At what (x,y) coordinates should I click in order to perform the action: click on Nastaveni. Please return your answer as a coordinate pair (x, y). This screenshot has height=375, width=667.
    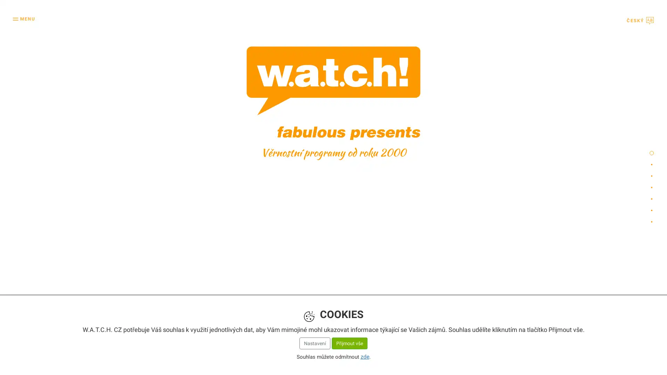
    Looking at the image, I should click on (314, 341).